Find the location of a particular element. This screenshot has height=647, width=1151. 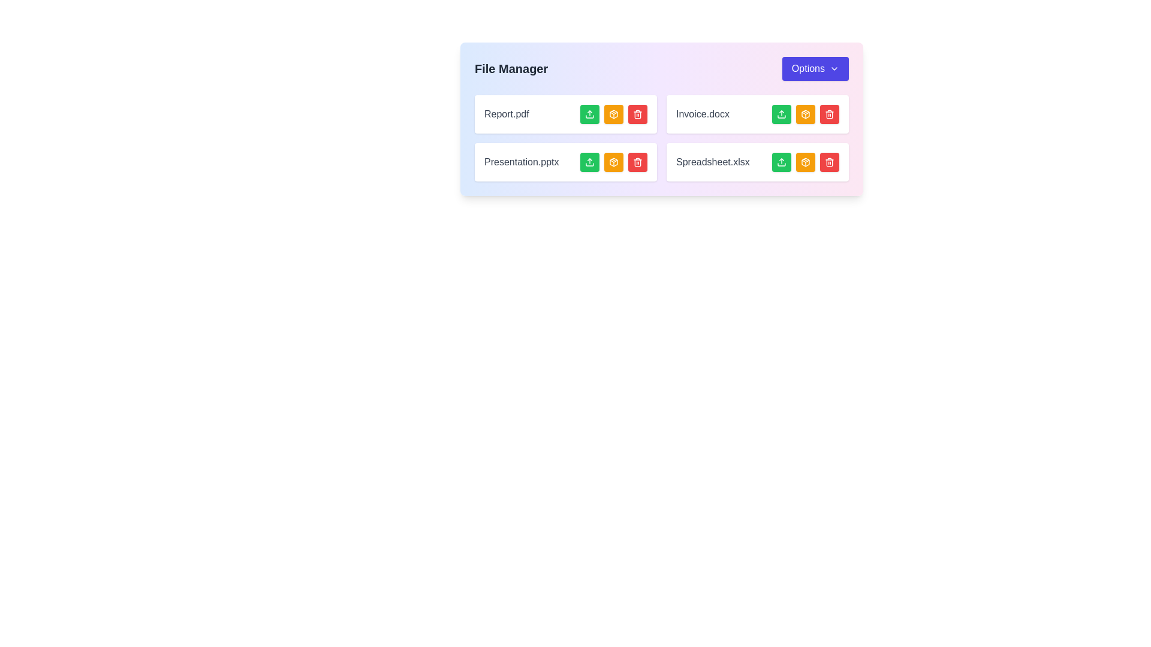

the second button in the row of action buttons for the file 'Presentation.pptx' is located at coordinates (613, 162).